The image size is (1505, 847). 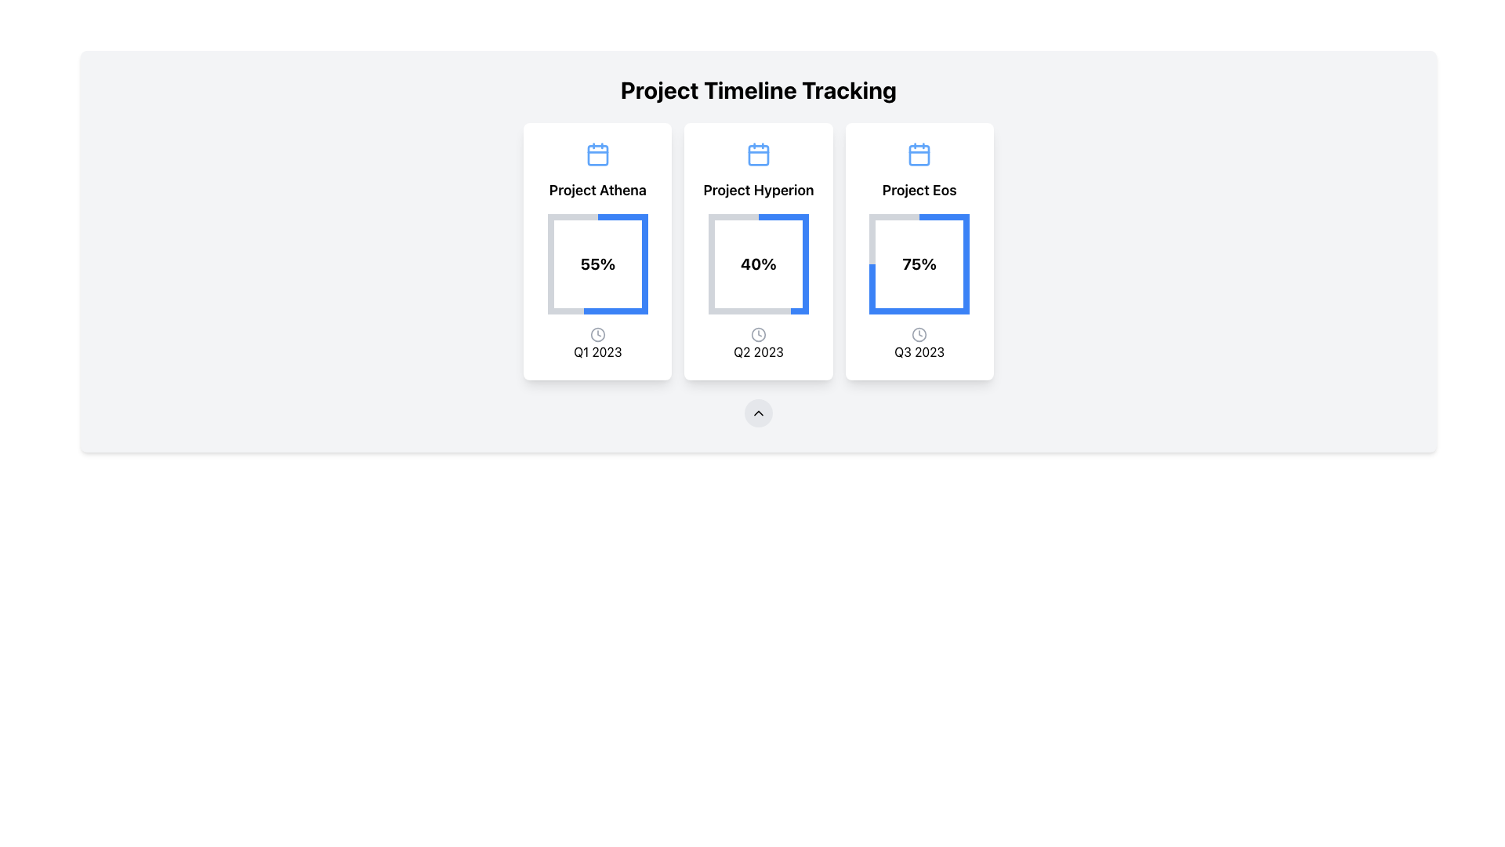 What do you see at coordinates (759, 190) in the screenshot?
I see `the Text Label that identifies the project represented in the second card, positioned below the calendar icon and above the '40%' text in the 'Q2 2023' card` at bounding box center [759, 190].